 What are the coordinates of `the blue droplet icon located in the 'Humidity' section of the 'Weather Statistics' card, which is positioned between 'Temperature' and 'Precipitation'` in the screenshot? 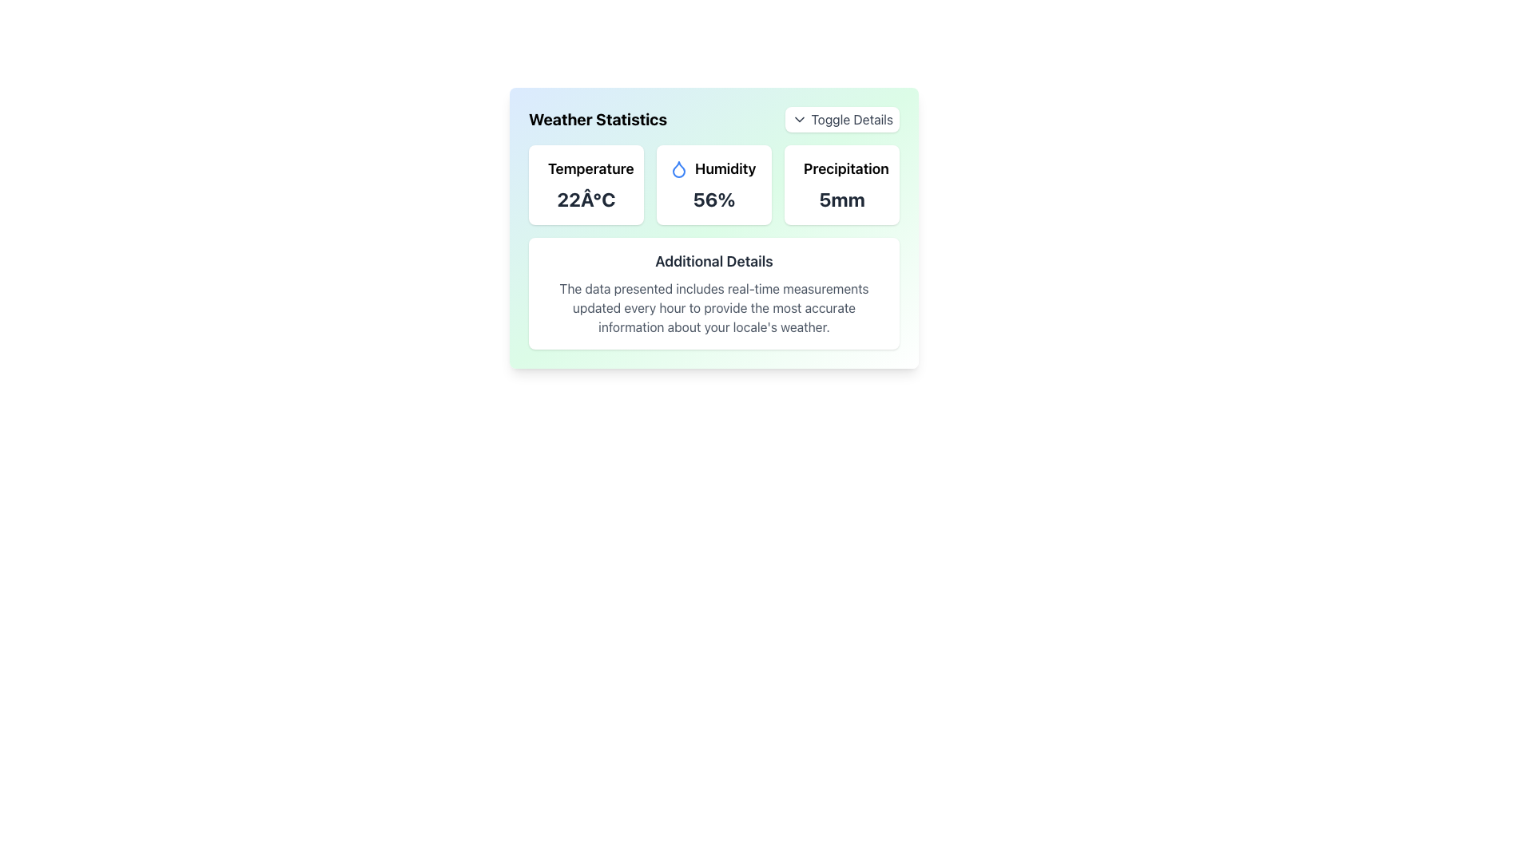 It's located at (678, 169).